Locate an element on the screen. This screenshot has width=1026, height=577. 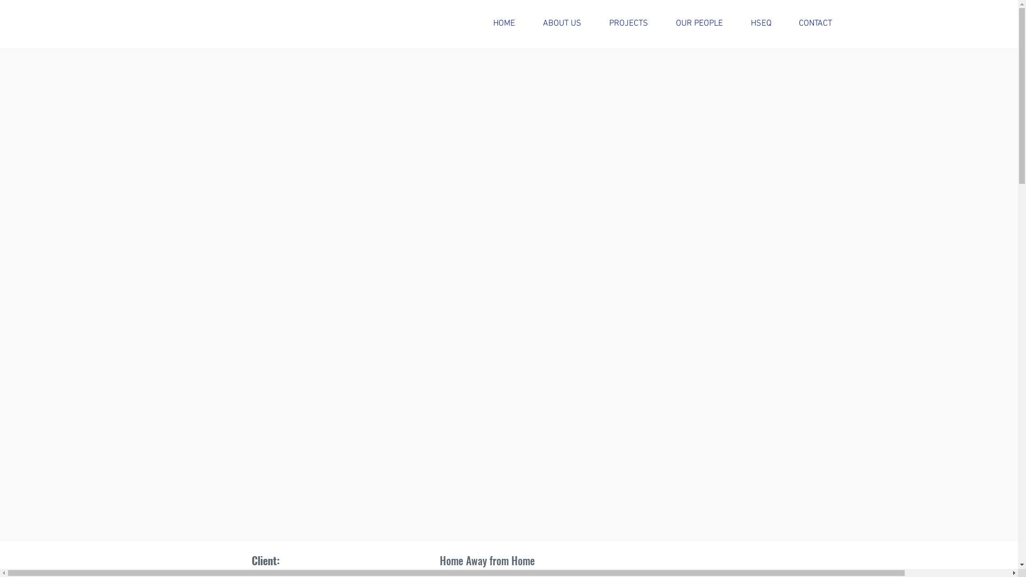
'ABOUT US' is located at coordinates (561, 24).